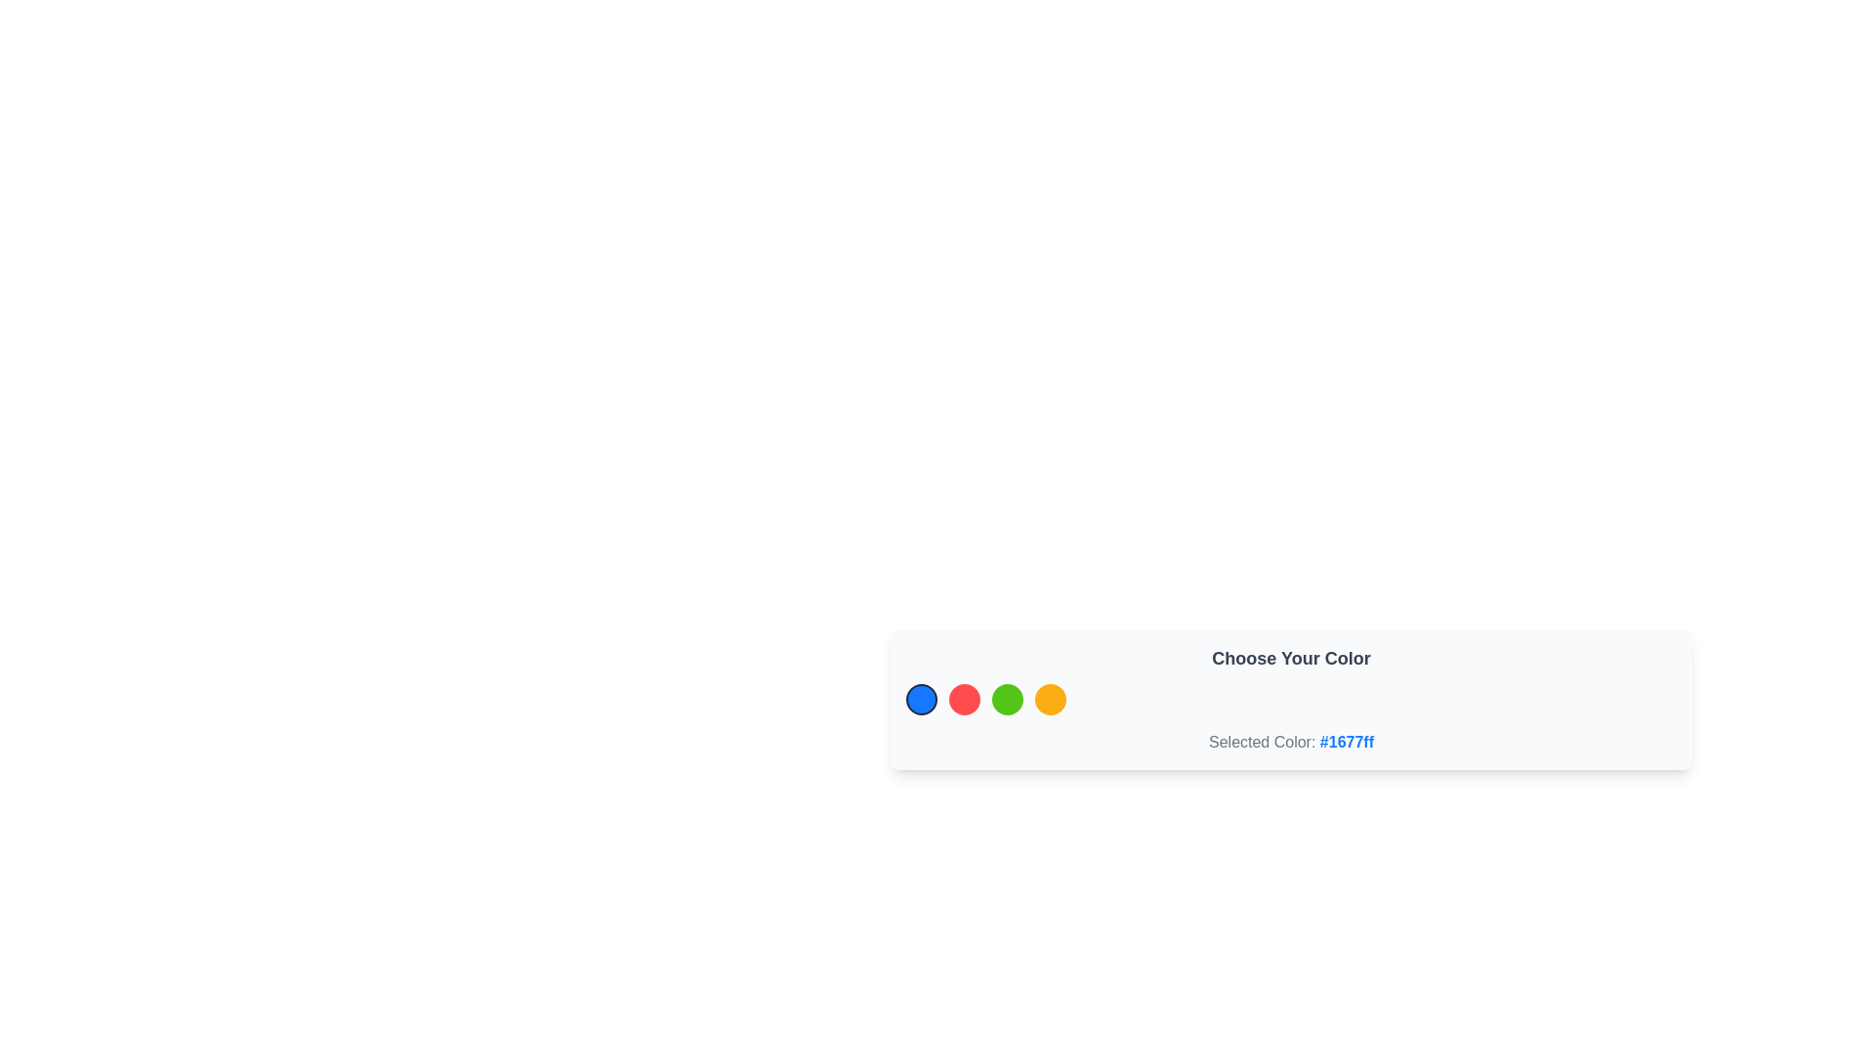 The height and width of the screenshot is (1054, 1875). I want to click on the color selector circle in the Stack of interactive color selectors, so click(1291, 699).